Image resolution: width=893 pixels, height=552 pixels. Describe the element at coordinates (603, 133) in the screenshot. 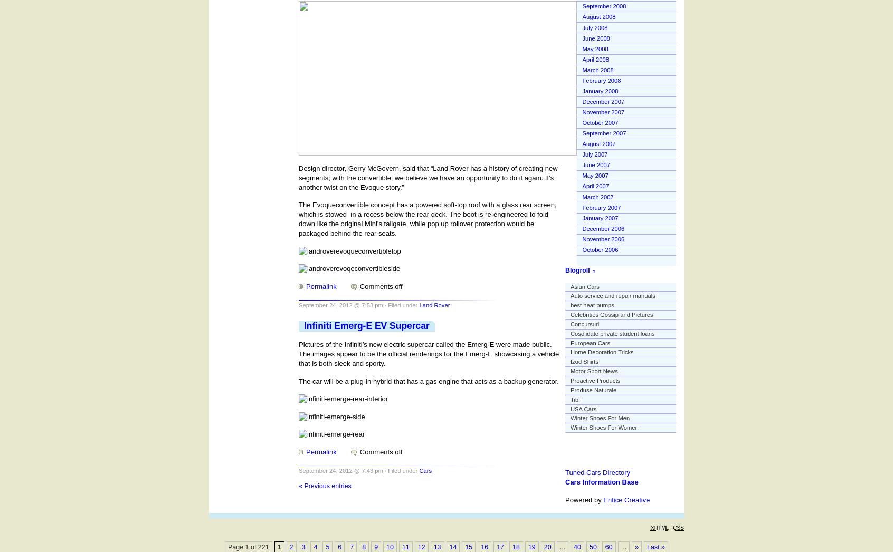

I see `'September 2007'` at that location.